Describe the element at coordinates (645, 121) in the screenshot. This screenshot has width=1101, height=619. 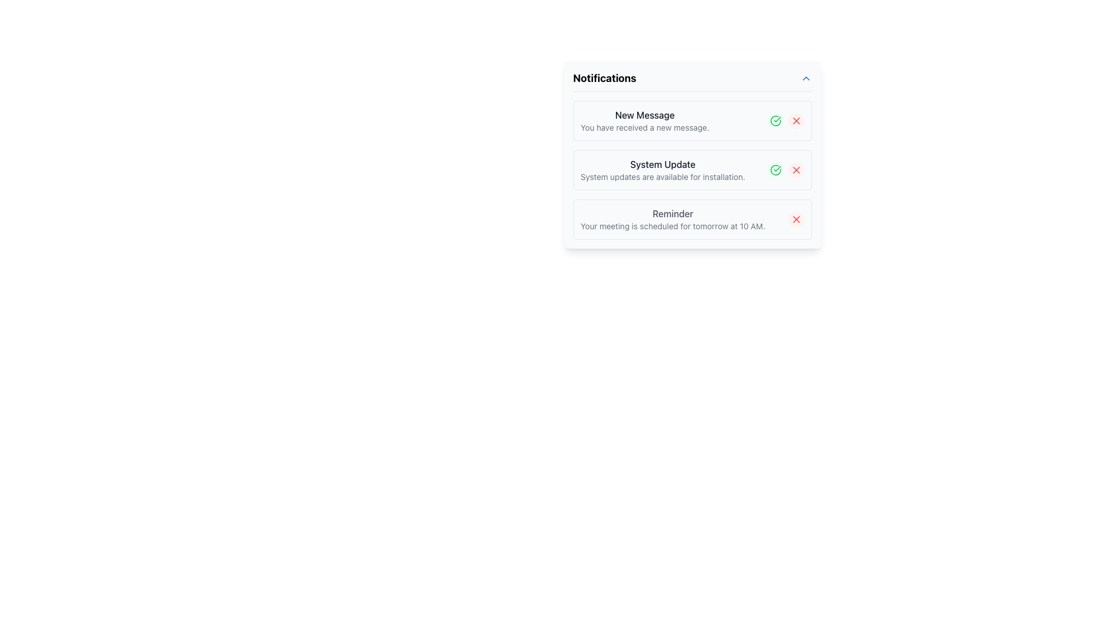
I see `the Notification Text Content displaying 'New Message' and 'You have received a new message.' by clicking on it to access related elements` at that location.